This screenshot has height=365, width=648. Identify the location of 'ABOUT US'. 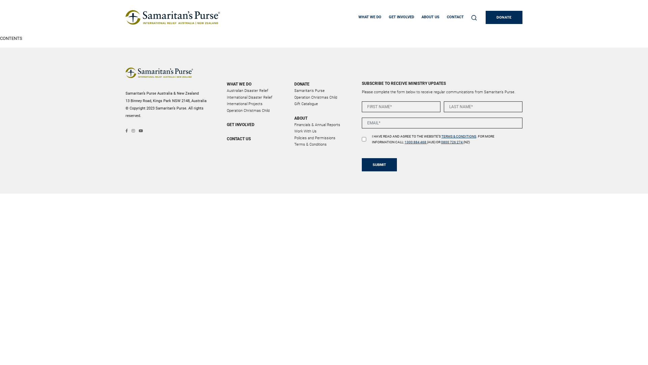
(430, 17).